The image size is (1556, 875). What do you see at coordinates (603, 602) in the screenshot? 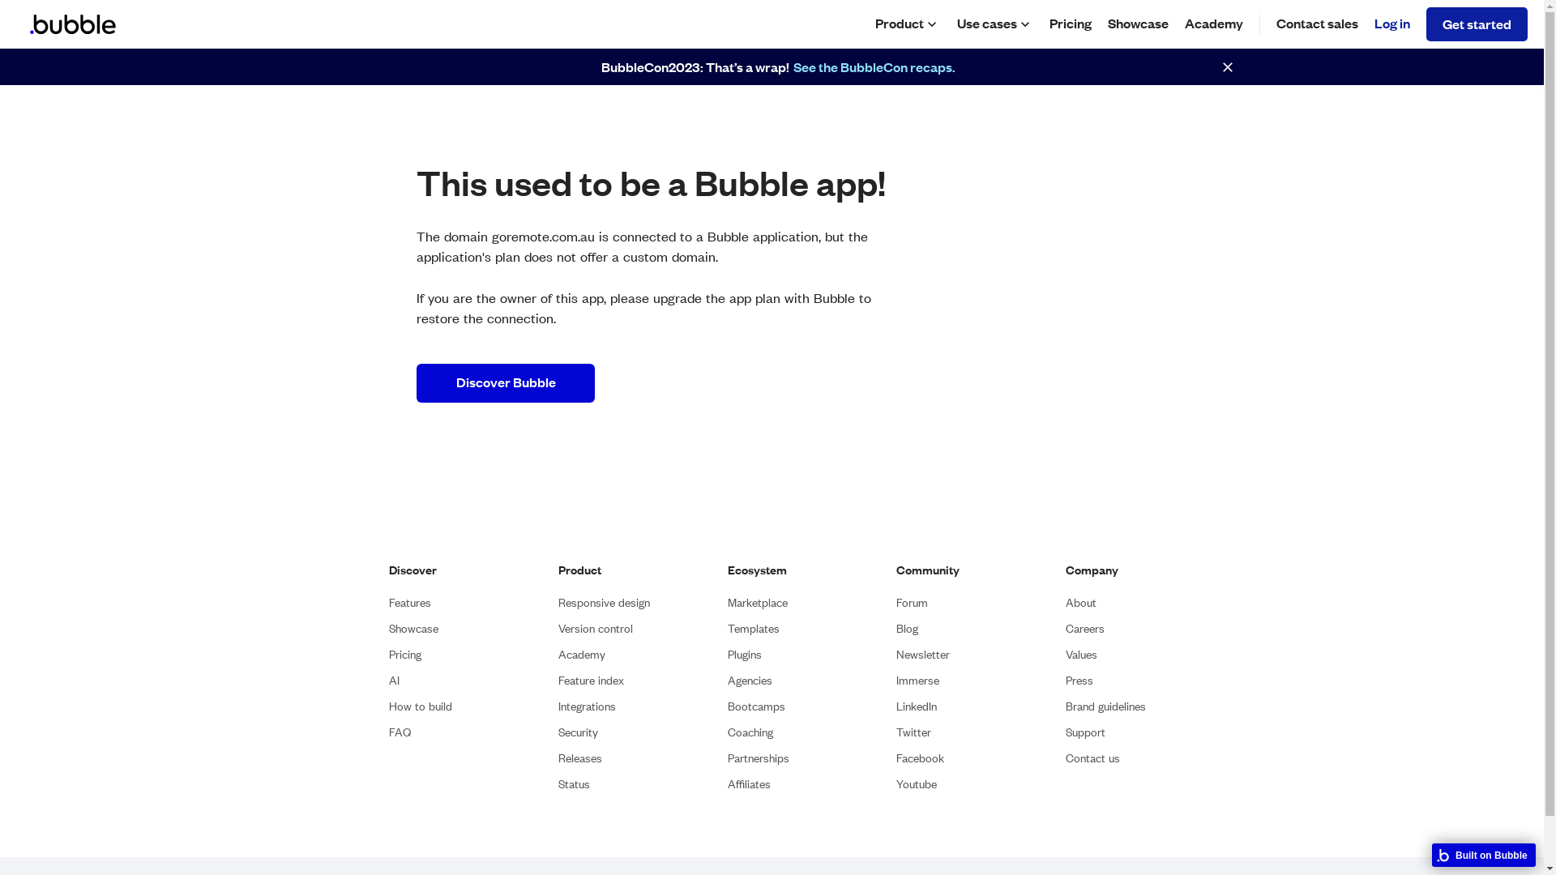
I see `'Responsive design'` at bounding box center [603, 602].